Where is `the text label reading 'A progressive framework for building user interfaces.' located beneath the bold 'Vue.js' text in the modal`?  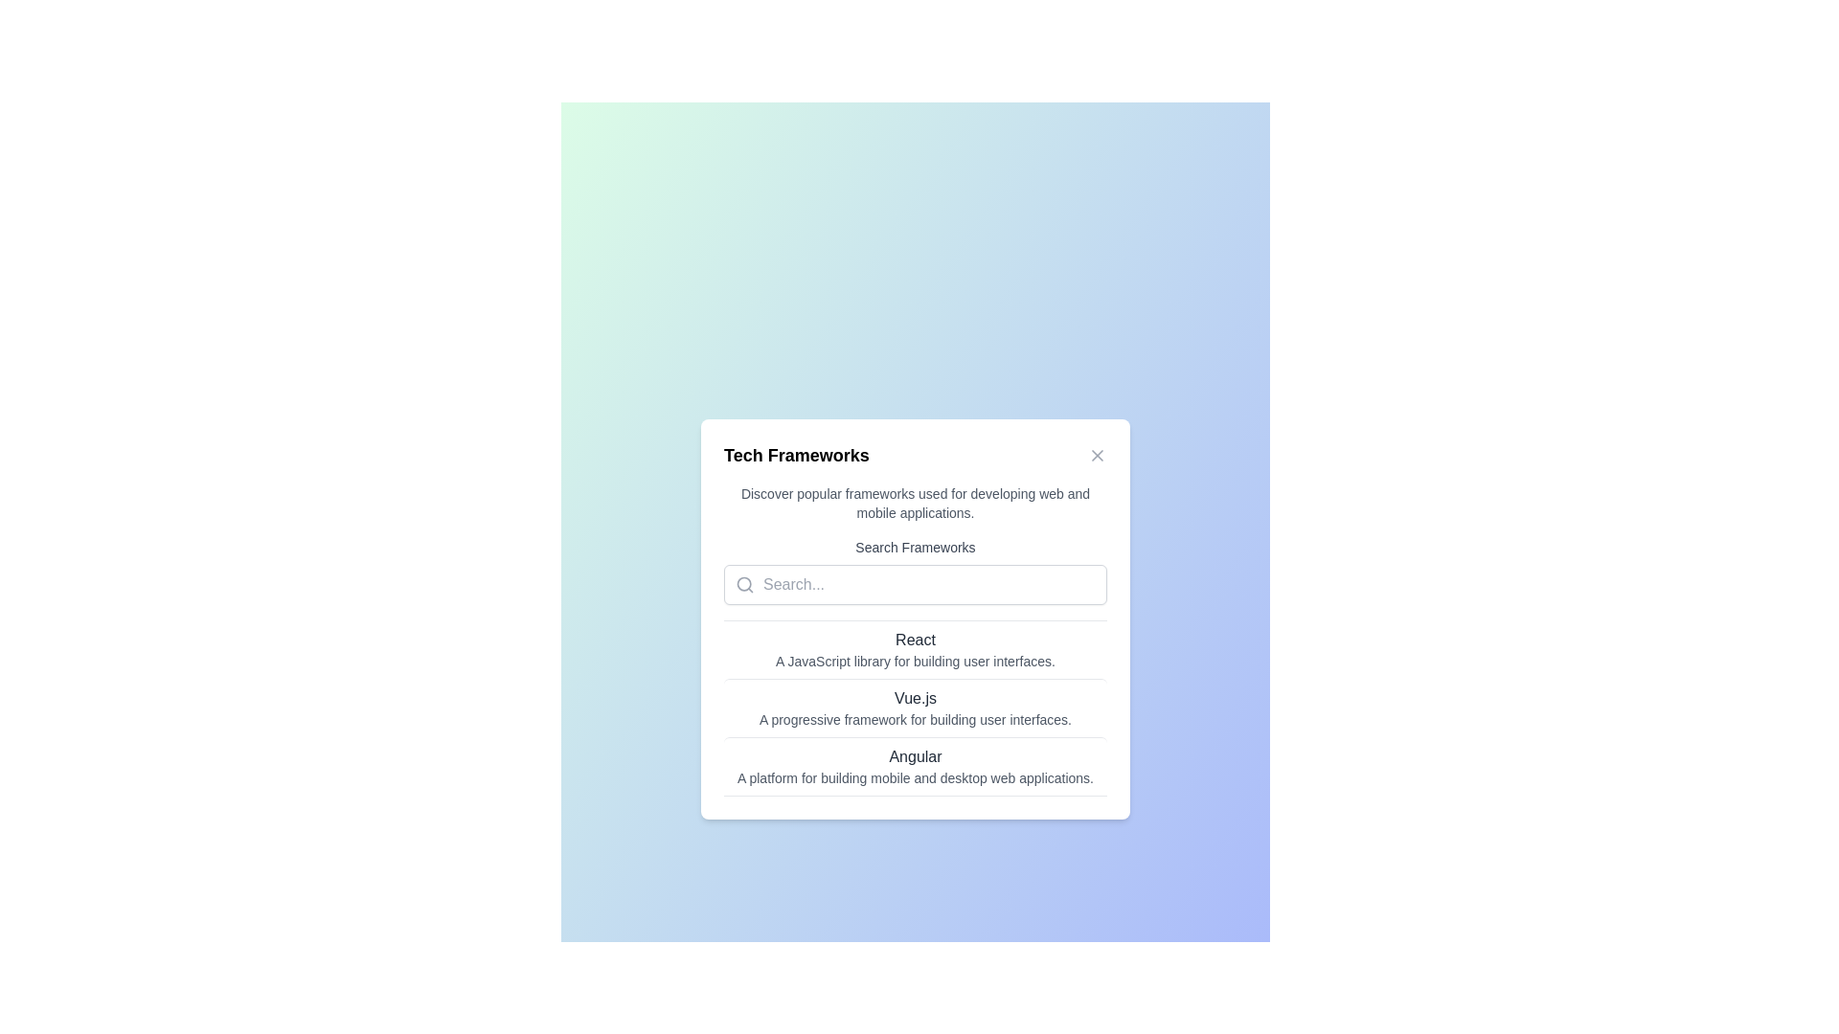
the text label reading 'A progressive framework for building user interfaces.' located beneath the bold 'Vue.js' text in the modal is located at coordinates (914, 720).